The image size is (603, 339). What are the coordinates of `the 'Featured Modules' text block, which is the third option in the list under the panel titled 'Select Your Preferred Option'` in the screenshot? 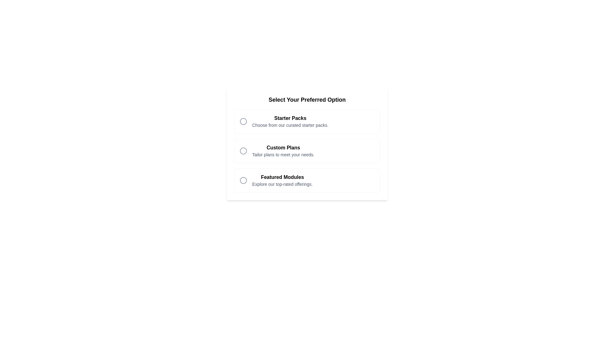 It's located at (282, 180).